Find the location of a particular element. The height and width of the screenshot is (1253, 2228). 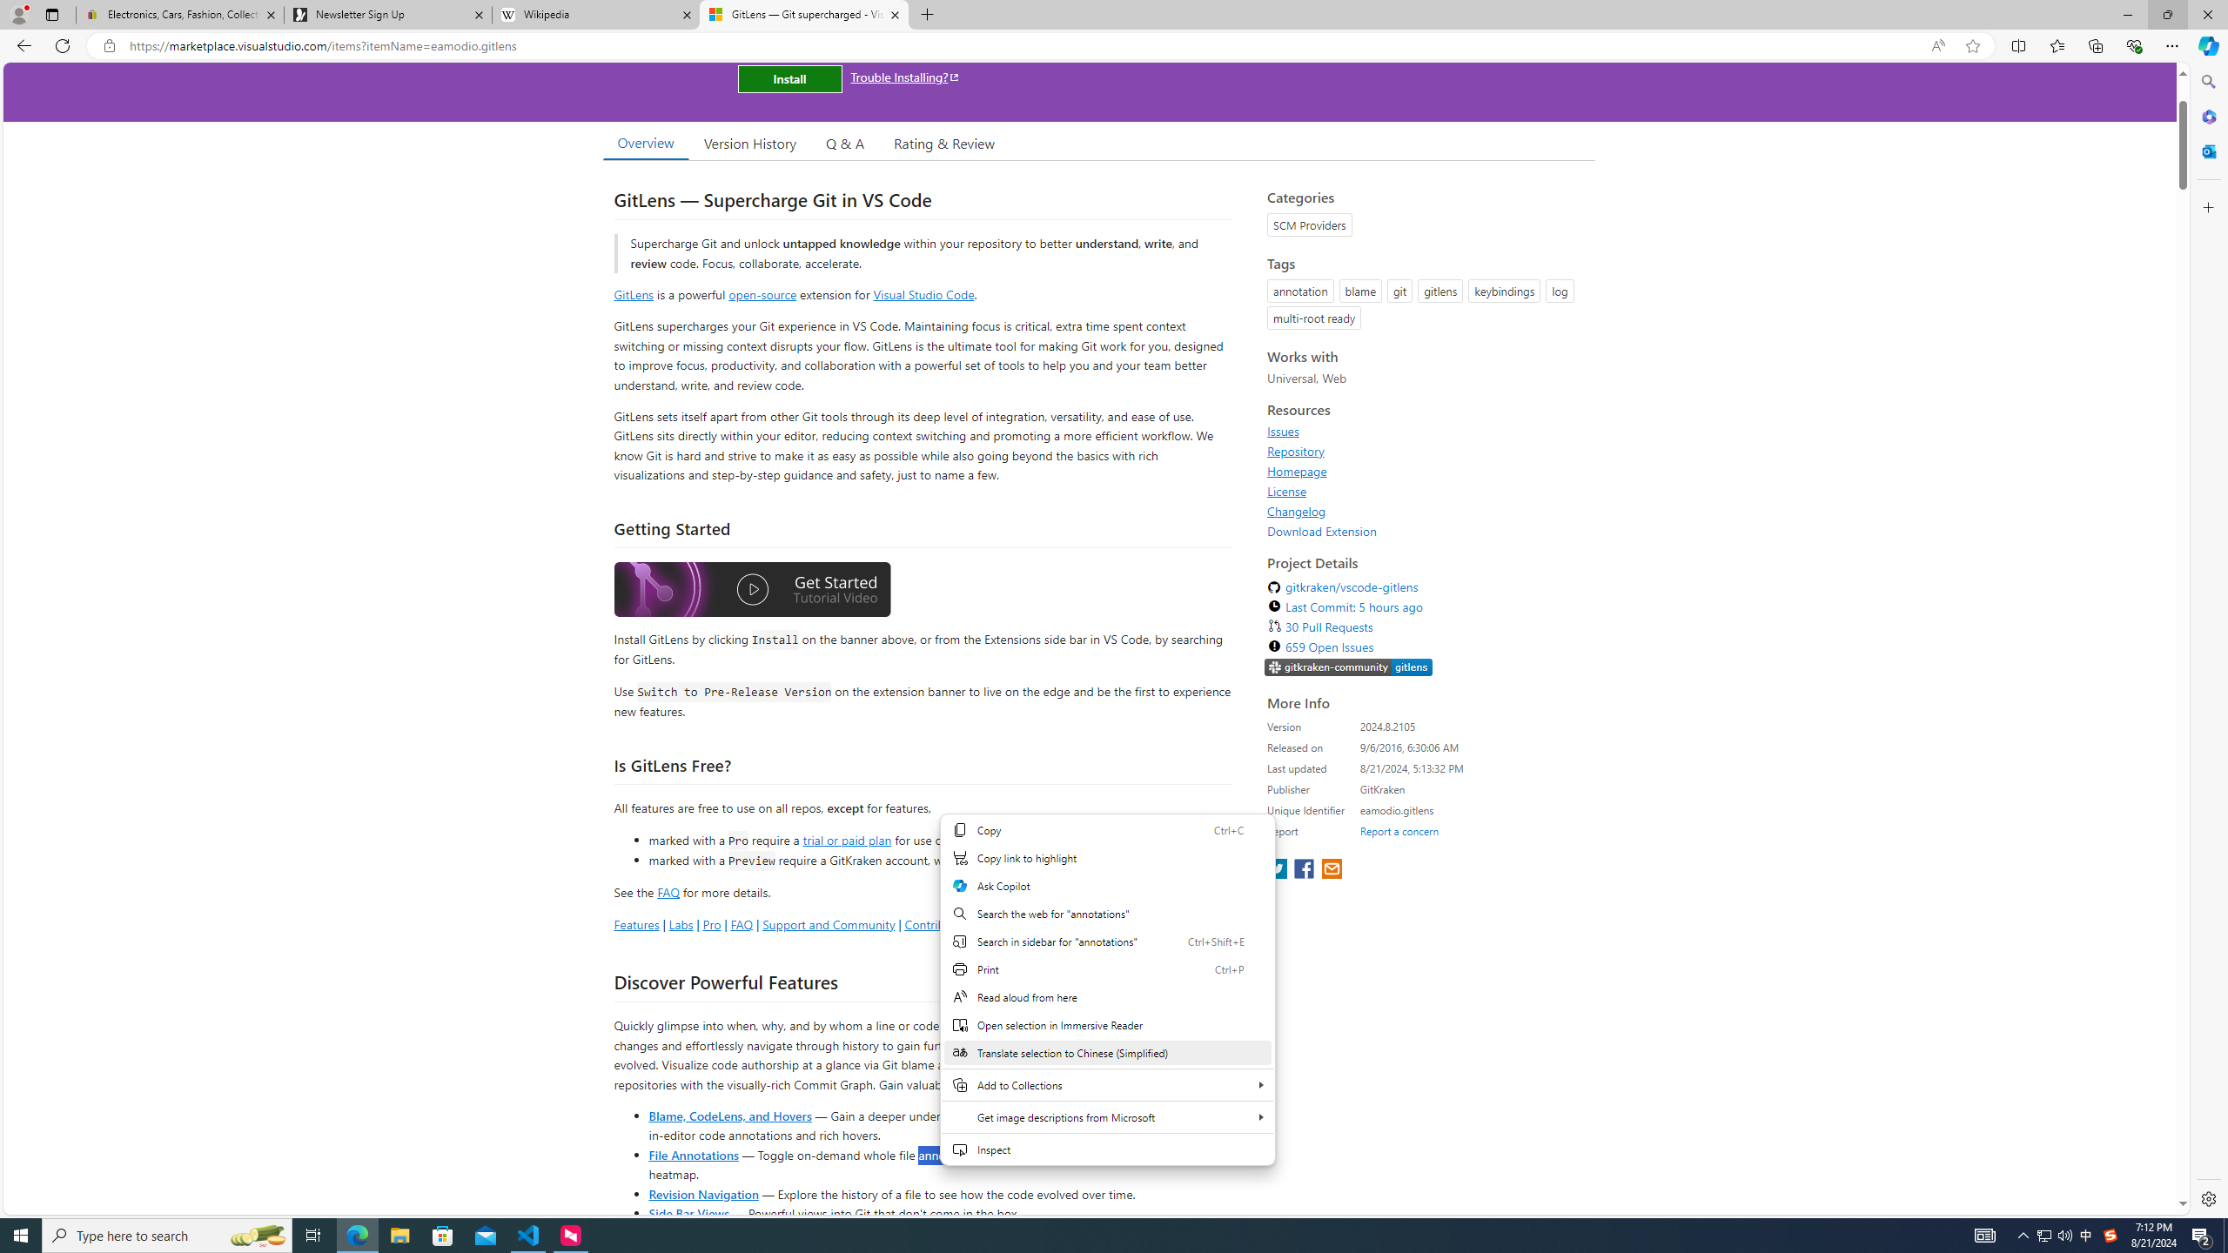

'Settings' is located at coordinates (2206, 1197).